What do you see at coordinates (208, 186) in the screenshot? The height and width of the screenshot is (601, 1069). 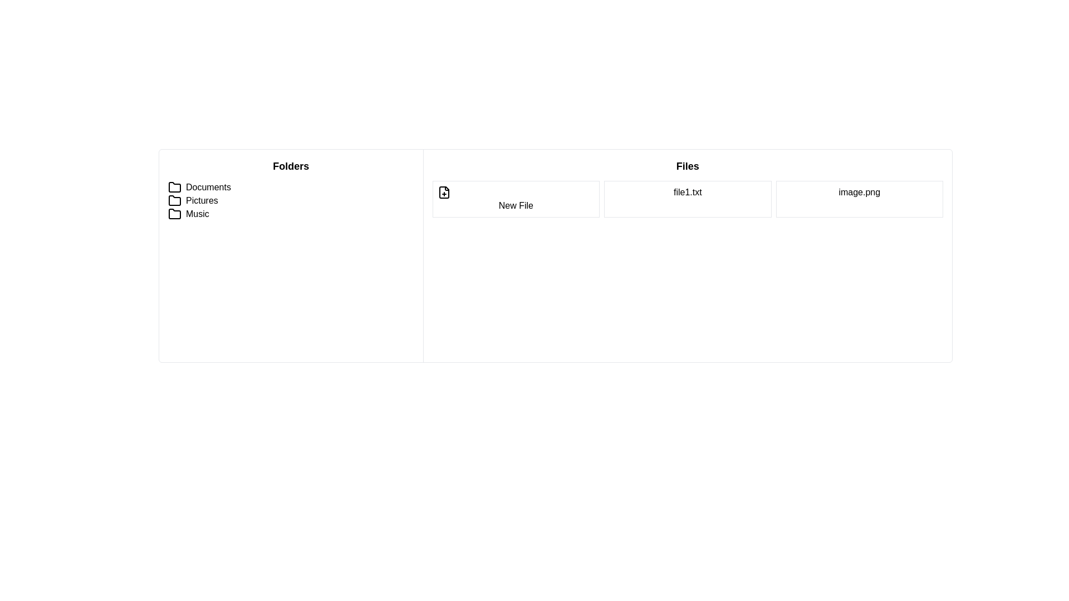 I see `the text label representing the first folder name in the 'Folders' section of the file browsing interface` at bounding box center [208, 186].